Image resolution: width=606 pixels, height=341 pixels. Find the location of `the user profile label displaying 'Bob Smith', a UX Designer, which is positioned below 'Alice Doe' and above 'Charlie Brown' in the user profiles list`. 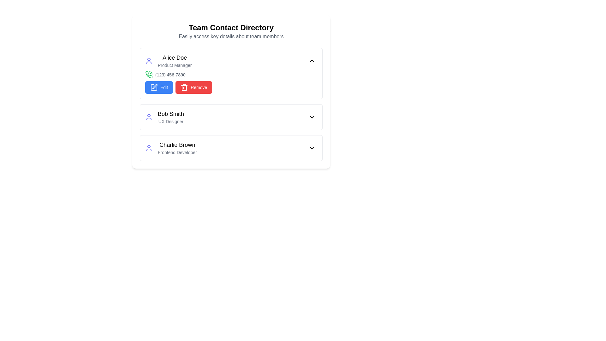

the user profile label displaying 'Bob Smith', a UX Designer, which is positioned below 'Alice Doe' and above 'Charlie Brown' in the user profiles list is located at coordinates (164, 117).